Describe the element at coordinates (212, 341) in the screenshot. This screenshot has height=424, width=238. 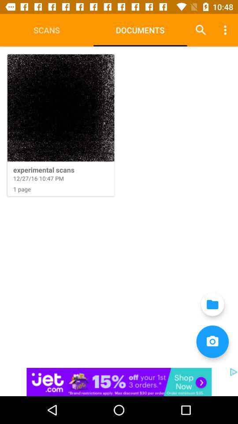
I see `the photo icon` at that location.